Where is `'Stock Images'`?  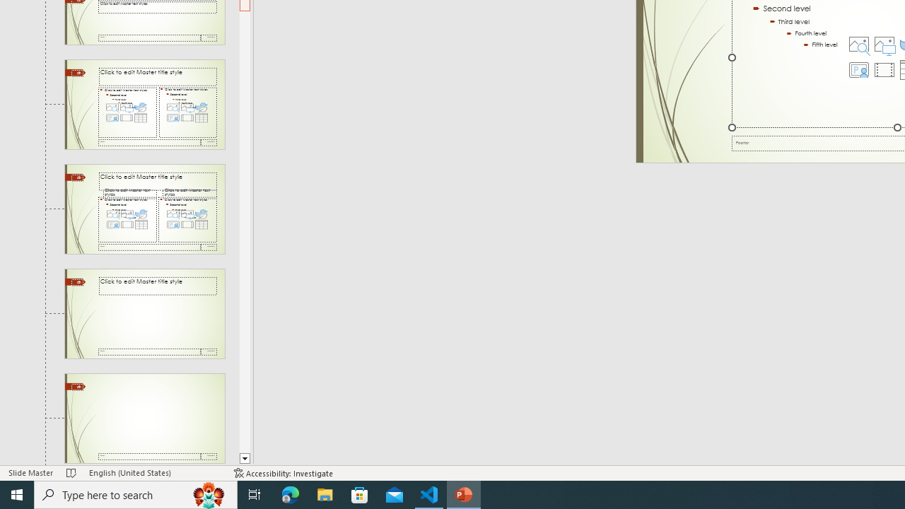
'Stock Images' is located at coordinates (858, 43).